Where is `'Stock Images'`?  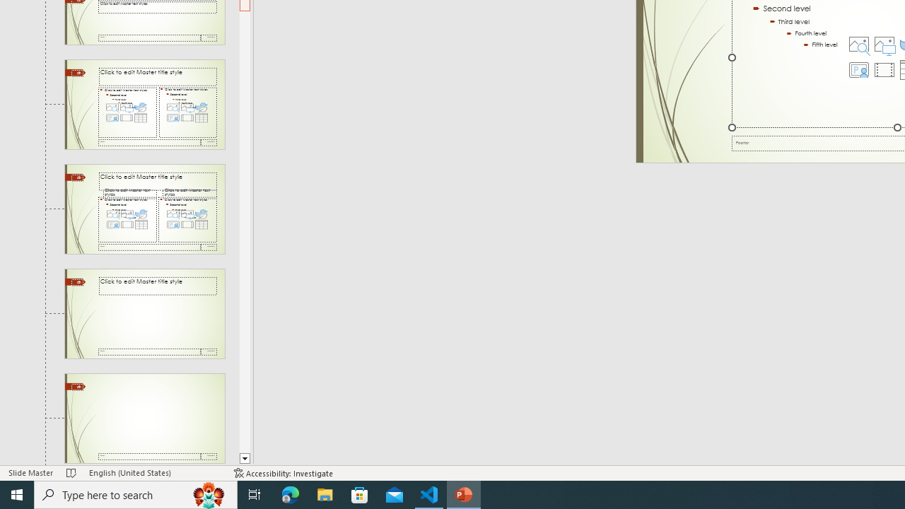
'Stock Images' is located at coordinates (858, 43).